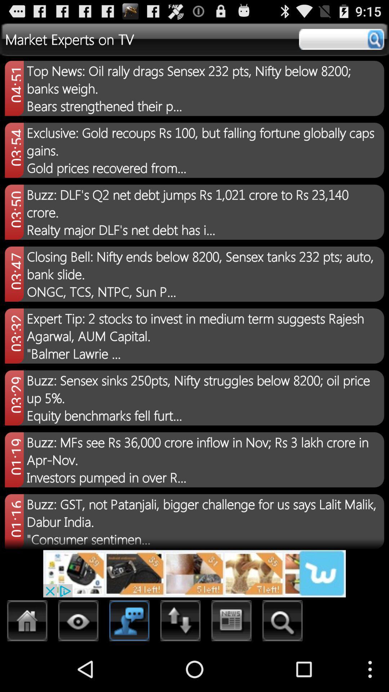  Describe the element at coordinates (232, 622) in the screenshot. I see `open news` at that location.